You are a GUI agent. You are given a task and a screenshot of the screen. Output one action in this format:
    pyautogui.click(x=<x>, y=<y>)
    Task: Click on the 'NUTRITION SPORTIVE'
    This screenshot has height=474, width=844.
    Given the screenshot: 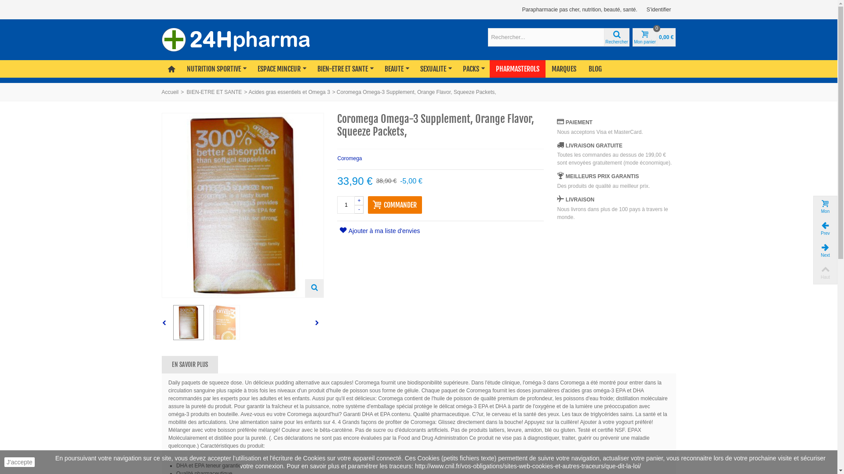 What is the action you would take?
    pyautogui.click(x=216, y=68)
    